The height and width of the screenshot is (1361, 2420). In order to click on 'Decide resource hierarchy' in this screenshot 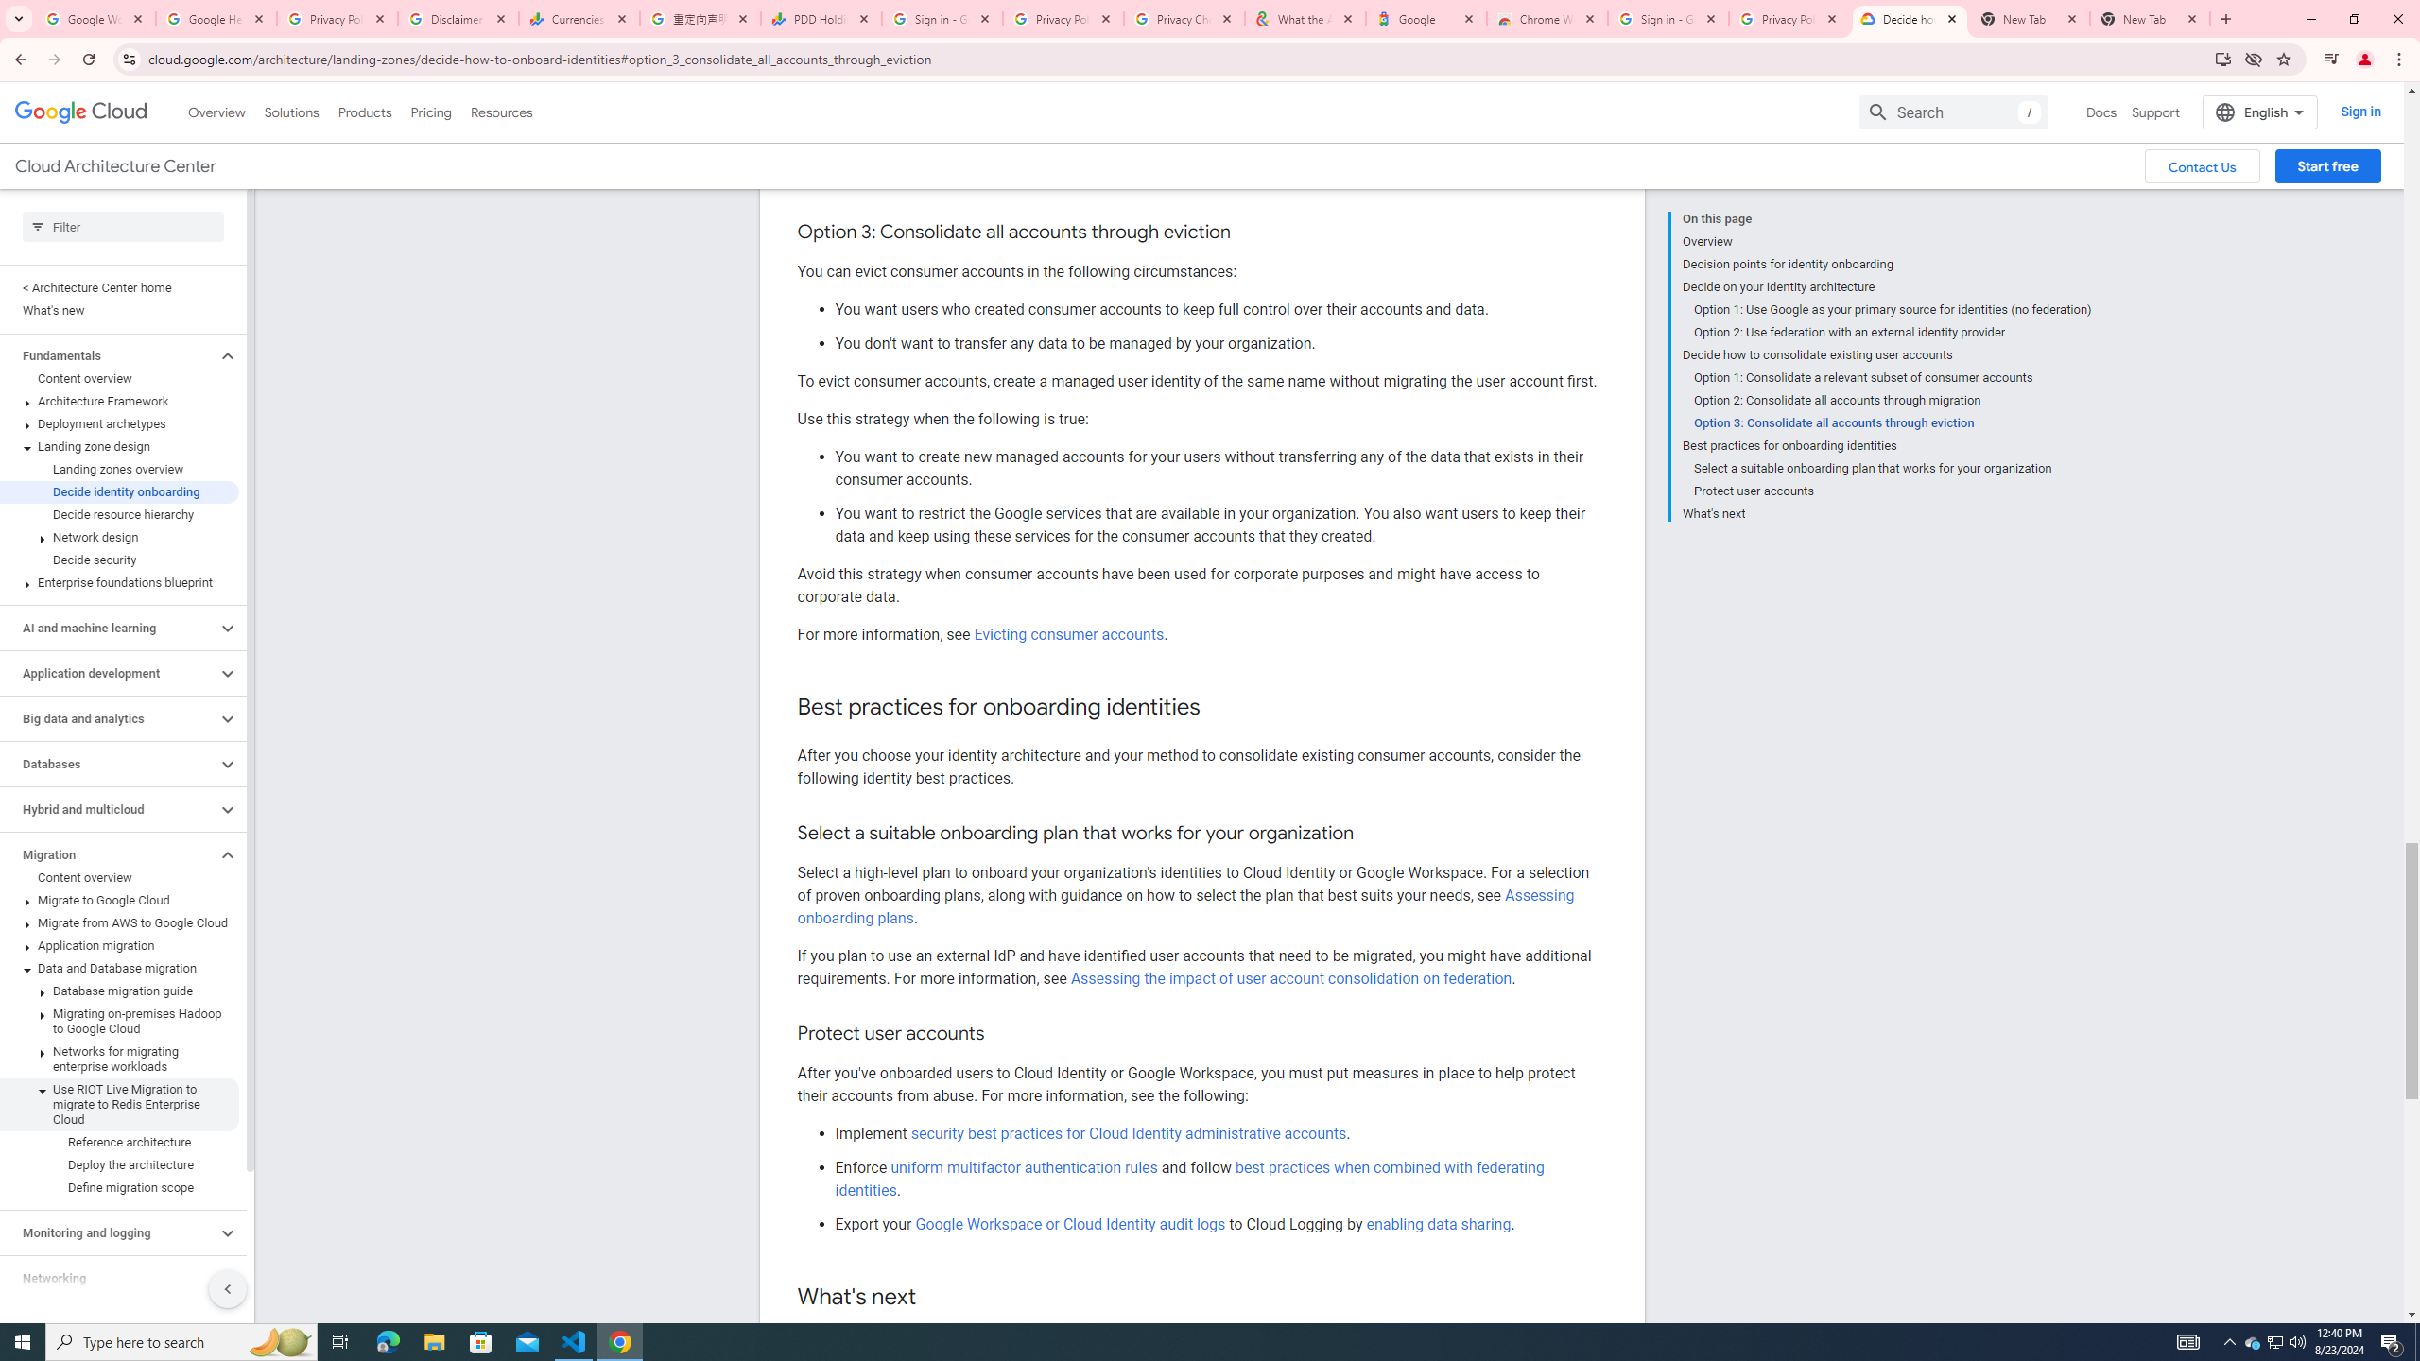, I will do `click(119, 514)`.